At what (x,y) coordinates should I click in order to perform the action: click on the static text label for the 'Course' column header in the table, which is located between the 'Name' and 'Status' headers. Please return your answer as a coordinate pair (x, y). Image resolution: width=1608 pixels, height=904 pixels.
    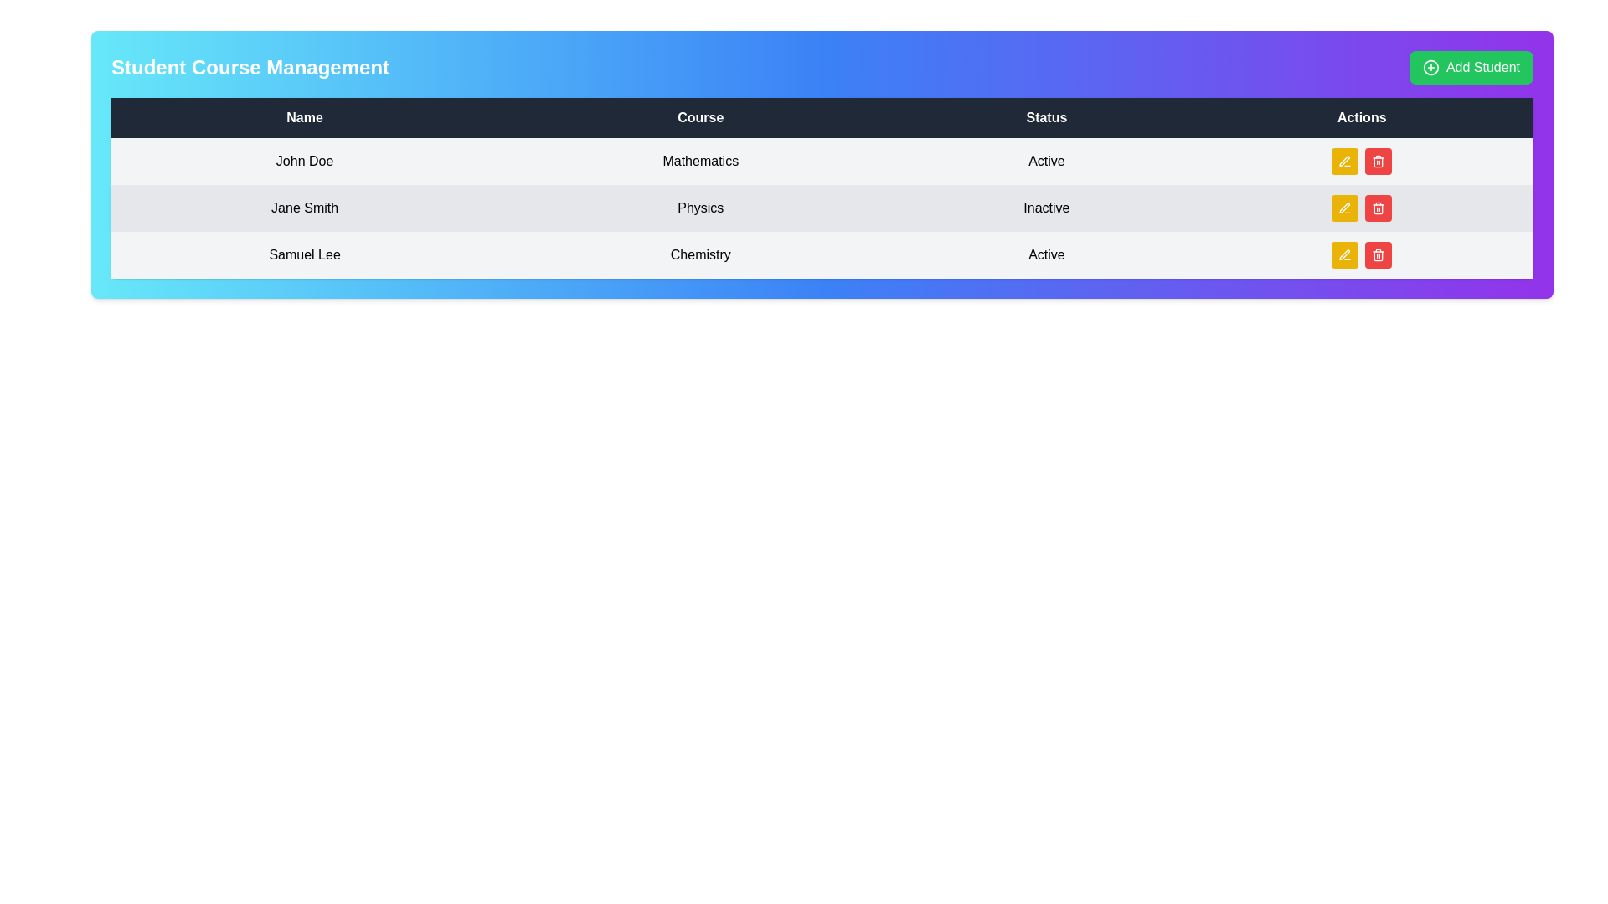
    Looking at the image, I should click on (700, 117).